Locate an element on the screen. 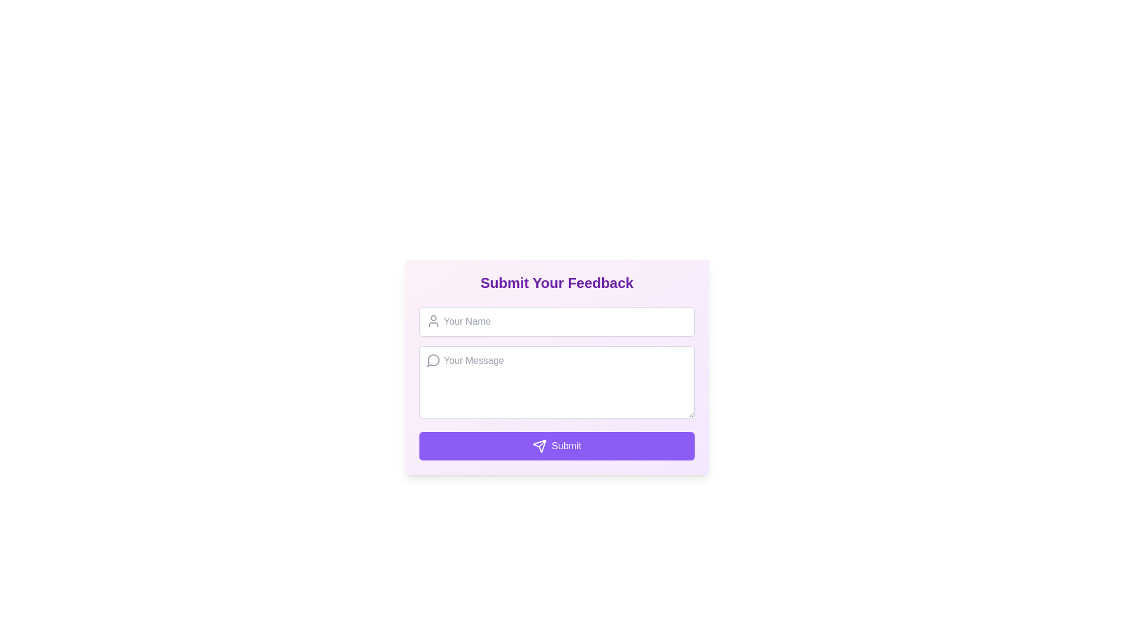 The image size is (1139, 640). the feedback submission icon located inside the purple 'Submit' button at the bottom of the feedback form is located at coordinates (539, 446).